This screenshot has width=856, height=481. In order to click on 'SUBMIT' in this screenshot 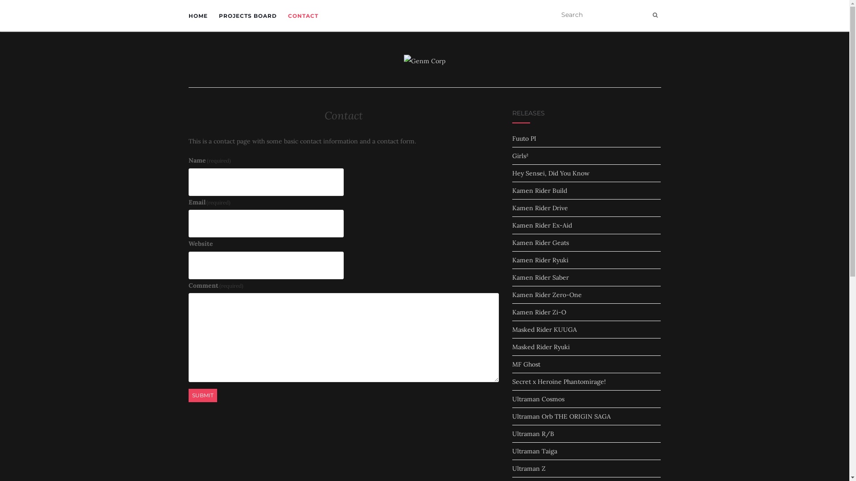, I will do `click(202, 395)`.